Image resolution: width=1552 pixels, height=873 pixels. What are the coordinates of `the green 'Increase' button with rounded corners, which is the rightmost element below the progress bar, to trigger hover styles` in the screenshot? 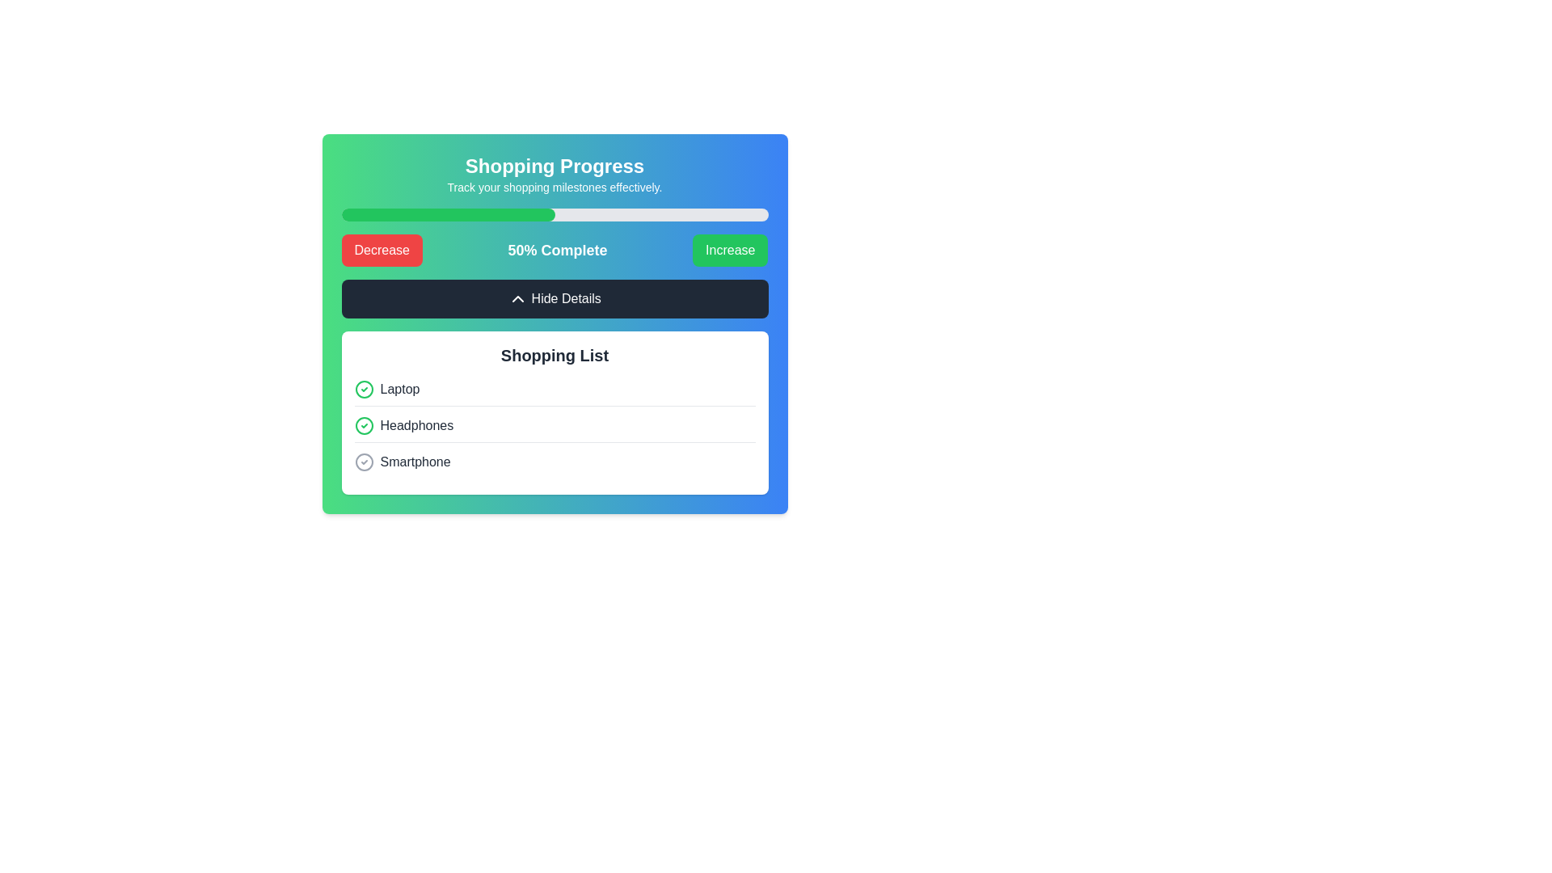 It's located at (729, 250).